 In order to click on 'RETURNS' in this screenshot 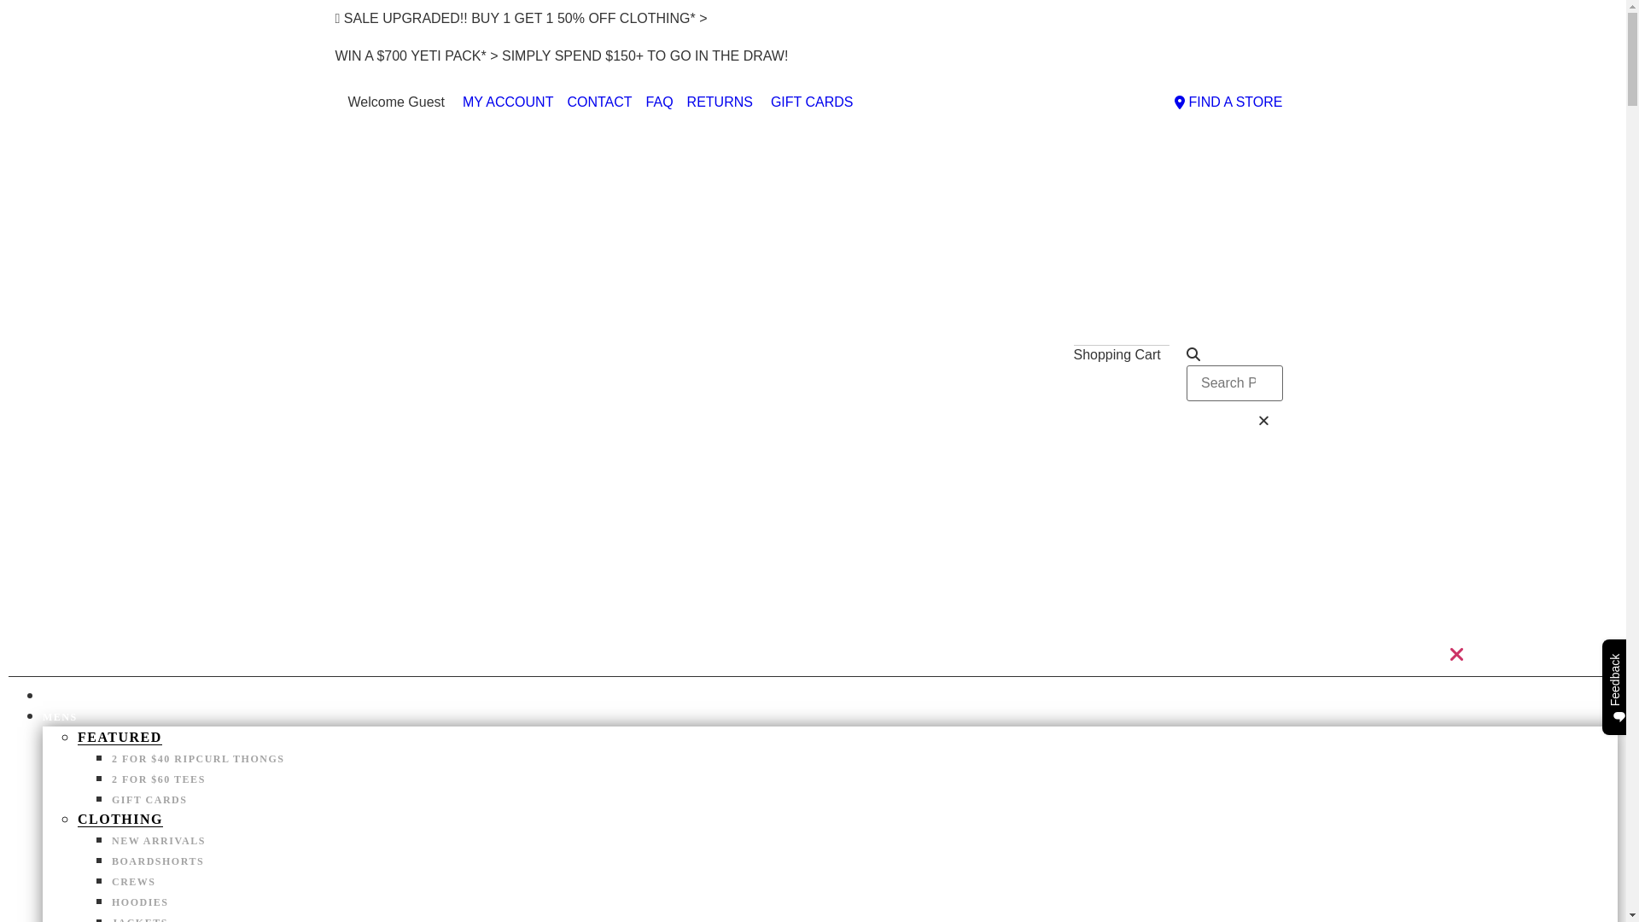, I will do `click(720, 102)`.